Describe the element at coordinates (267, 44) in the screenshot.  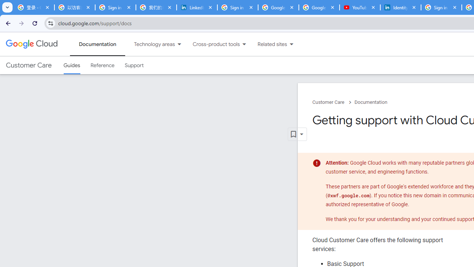
I see `'Related sites'` at that location.